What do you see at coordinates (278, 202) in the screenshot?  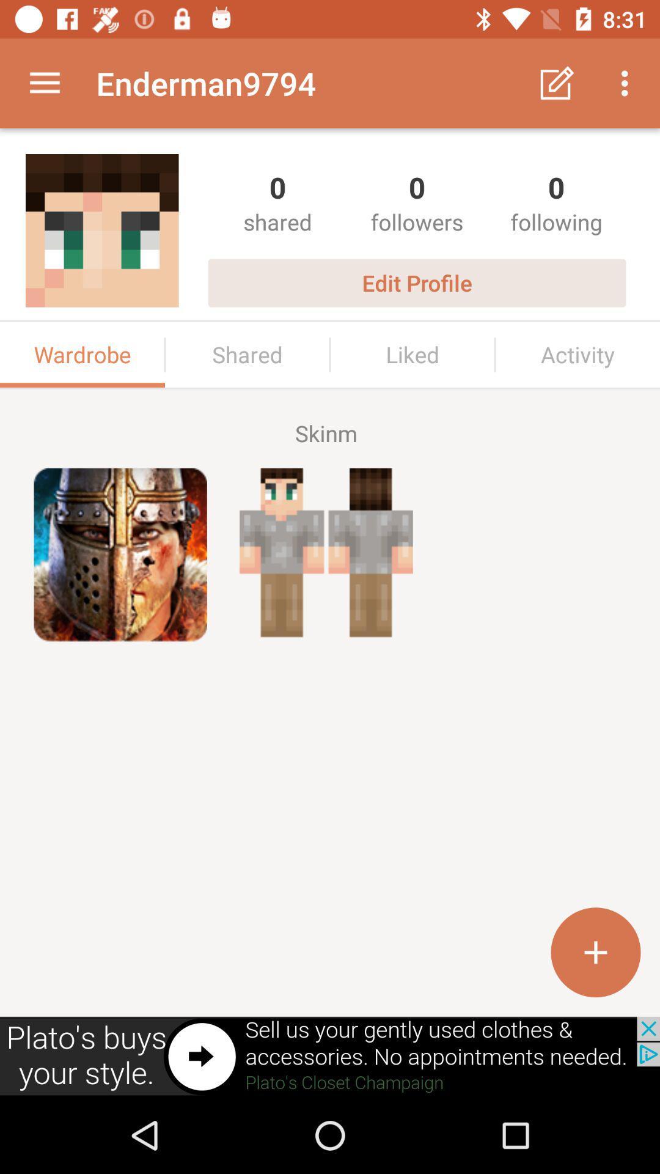 I see `the first shared option` at bounding box center [278, 202].